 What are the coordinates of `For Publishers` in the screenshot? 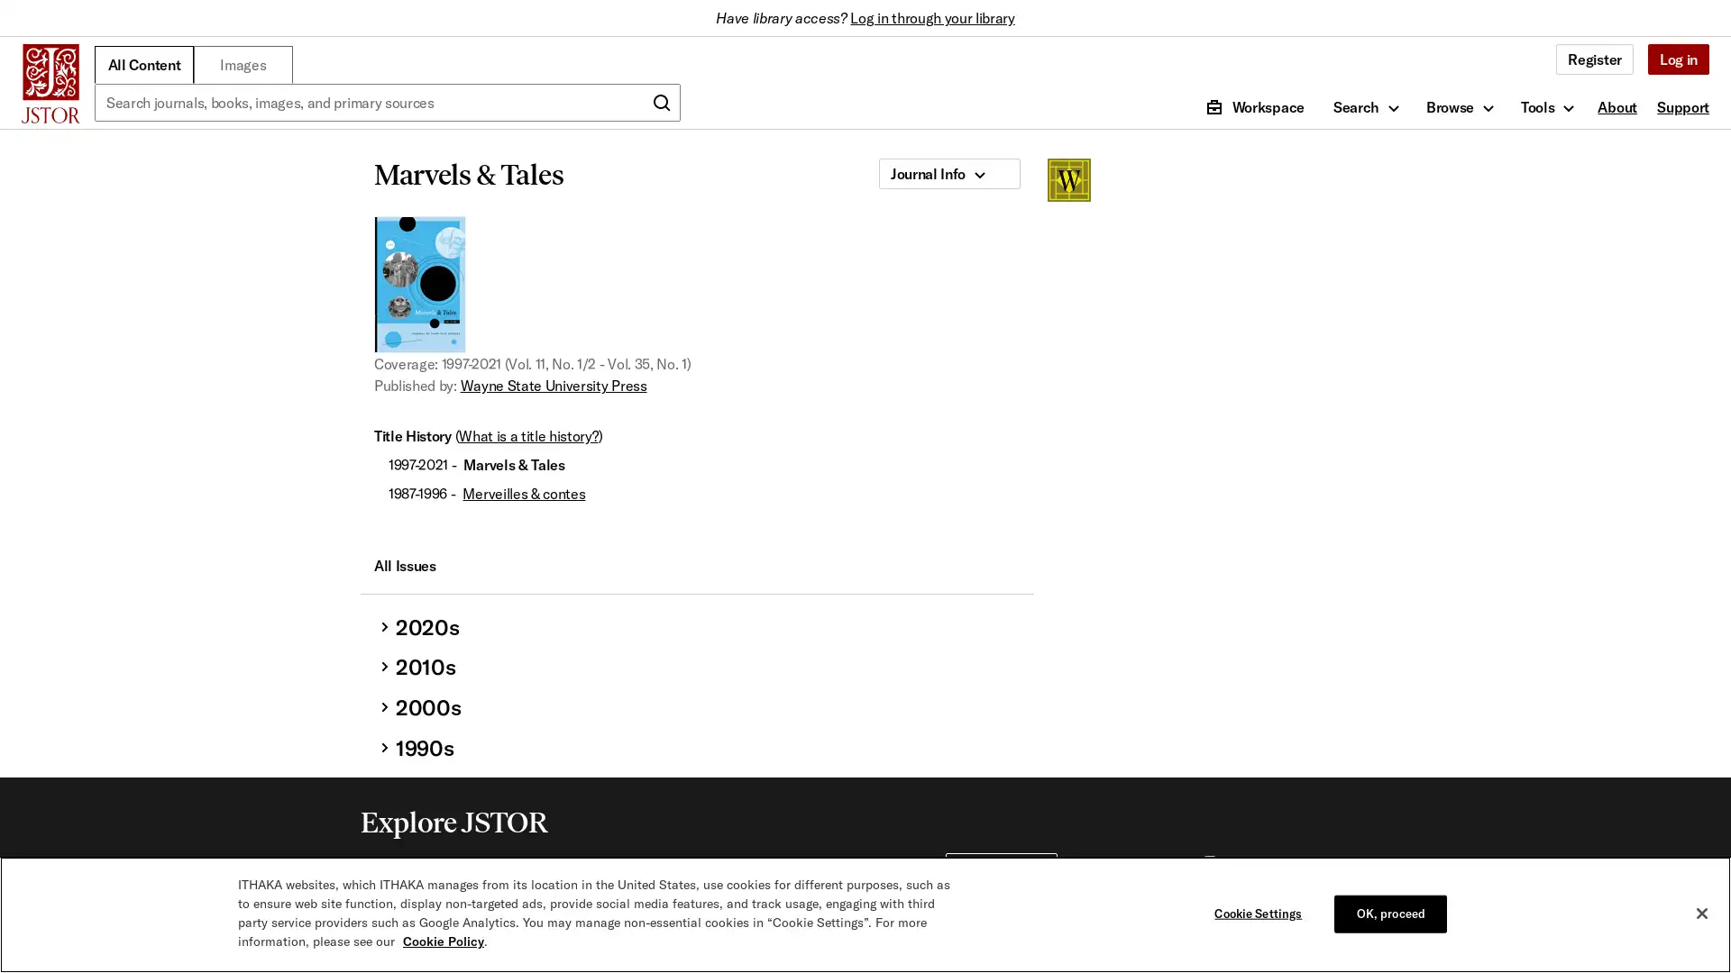 It's located at (1003, 914).